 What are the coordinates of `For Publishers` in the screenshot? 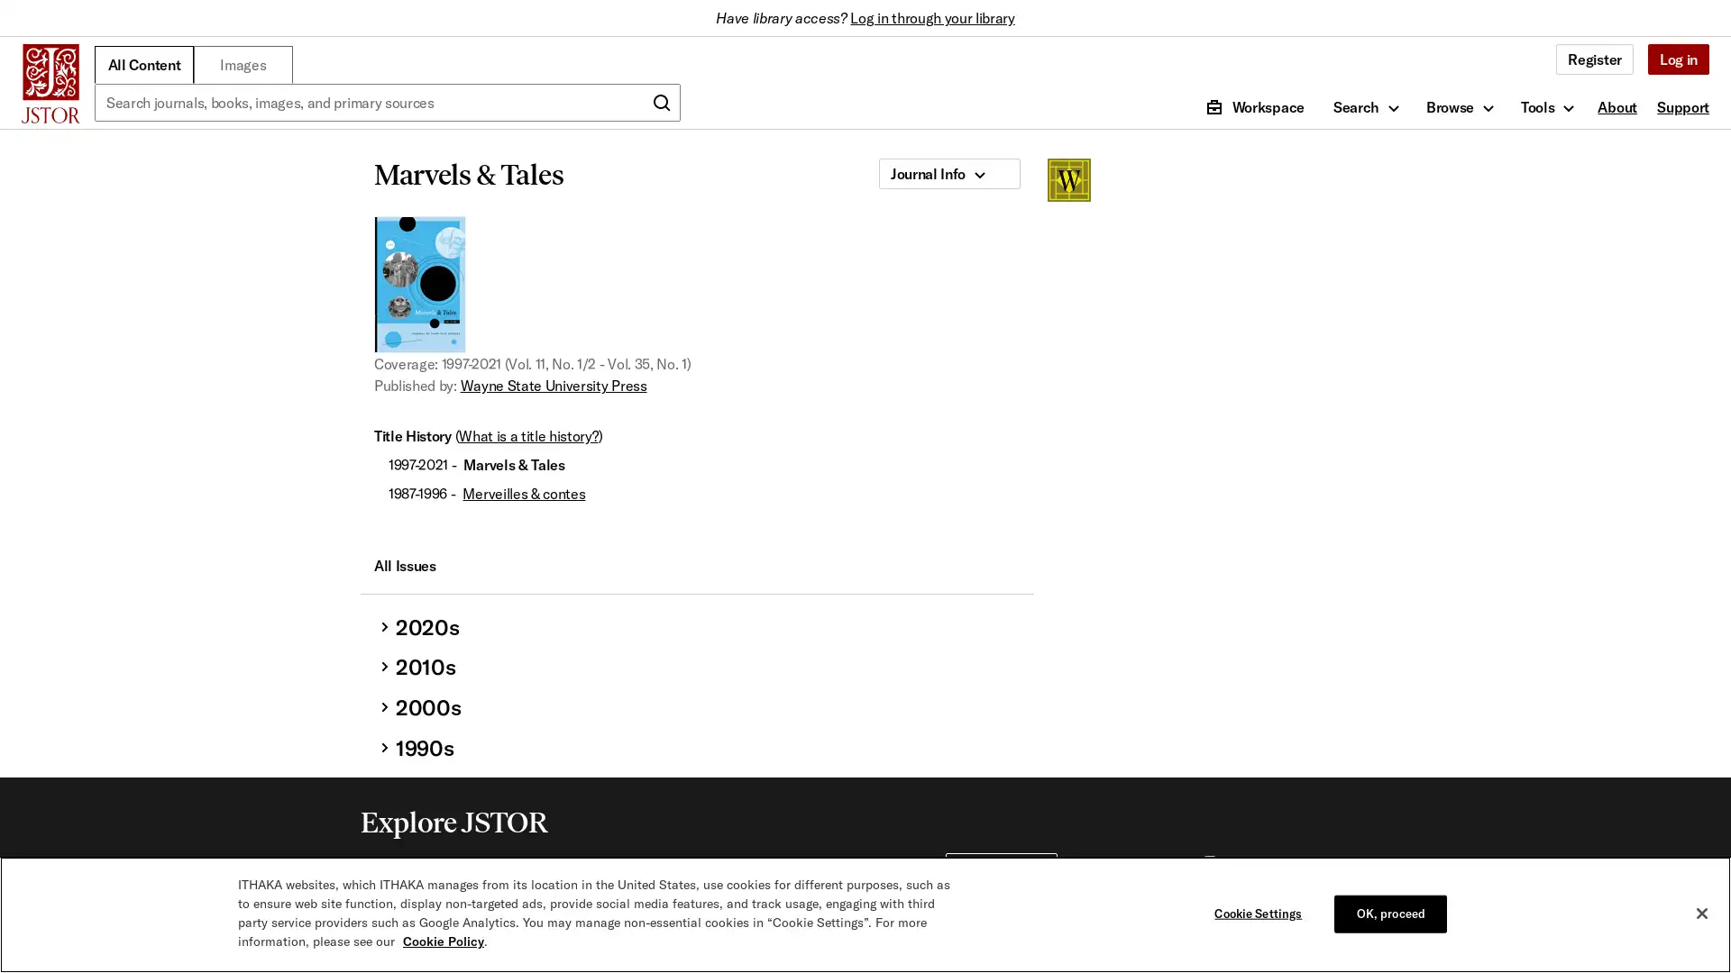 It's located at (1003, 914).